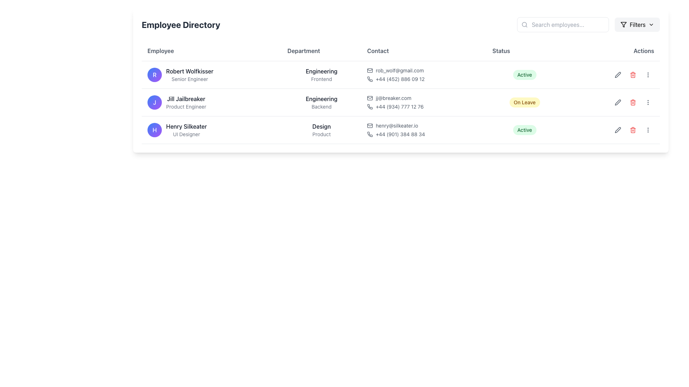 Image resolution: width=689 pixels, height=387 pixels. What do you see at coordinates (186, 134) in the screenshot?
I see `job title text label located below 'Henry Silkeater' in the 'Employee' column's row, which is the second line of text detailing the job title` at bounding box center [186, 134].